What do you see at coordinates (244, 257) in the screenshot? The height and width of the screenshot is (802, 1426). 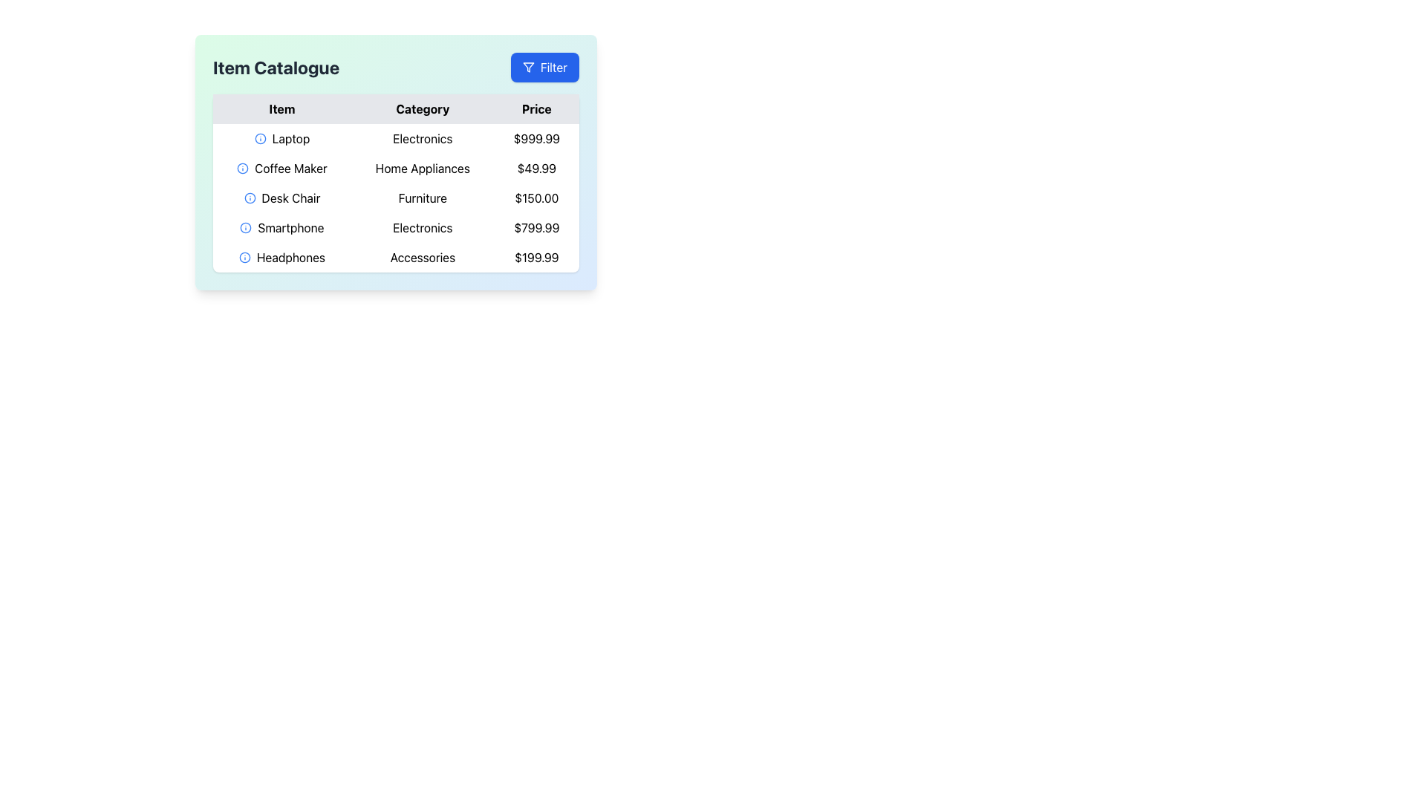 I see `the blue circle icon with an 'i' symbol located in the last row of the 'Item' column next to the text 'Headphones'` at bounding box center [244, 257].